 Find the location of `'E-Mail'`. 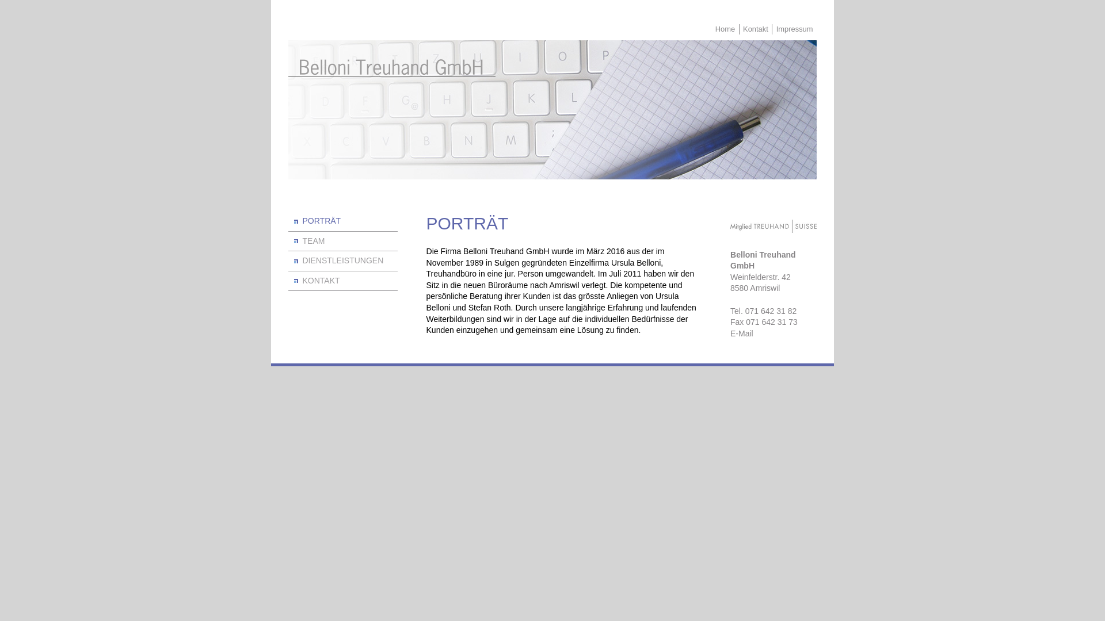

'E-Mail' is located at coordinates (773, 334).